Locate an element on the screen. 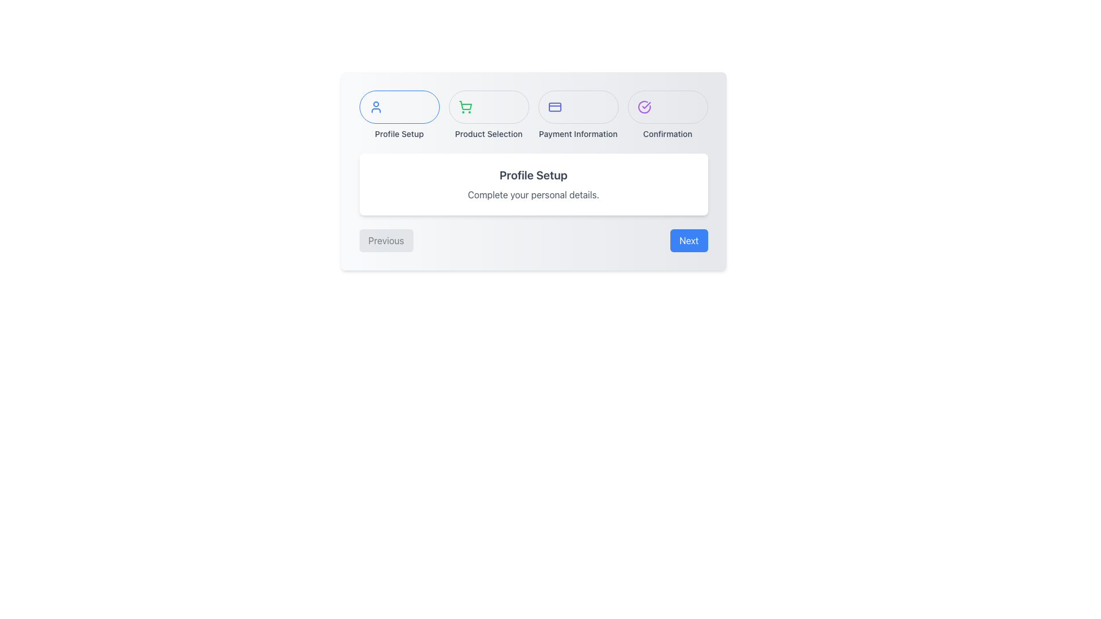 The width and height of the screenshot is (1101, 619). the text element that reads 'Complete your personal details.' which is located beneath the 'Profile Setup' heading is located at coordinates (533, 194).